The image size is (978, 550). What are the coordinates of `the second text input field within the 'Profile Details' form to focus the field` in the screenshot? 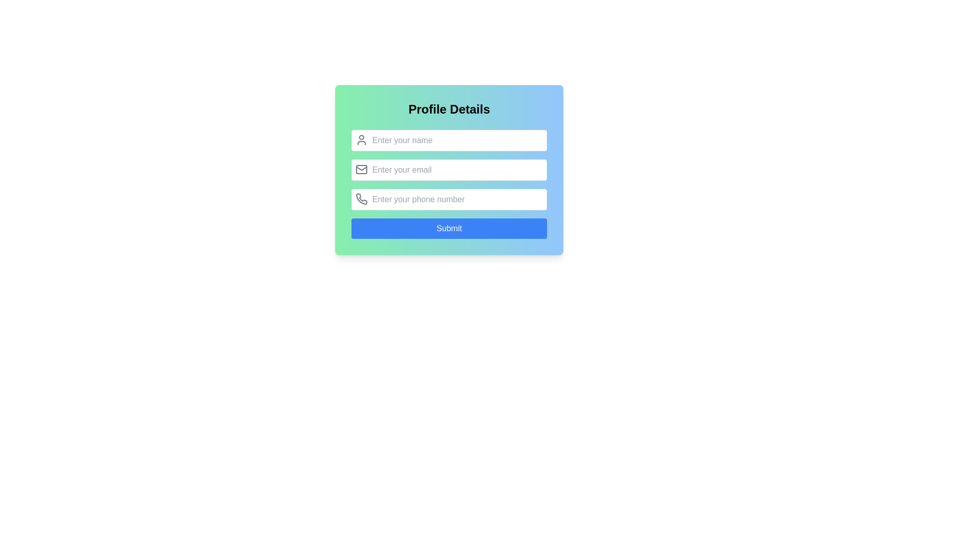 It's located at (449, 184).